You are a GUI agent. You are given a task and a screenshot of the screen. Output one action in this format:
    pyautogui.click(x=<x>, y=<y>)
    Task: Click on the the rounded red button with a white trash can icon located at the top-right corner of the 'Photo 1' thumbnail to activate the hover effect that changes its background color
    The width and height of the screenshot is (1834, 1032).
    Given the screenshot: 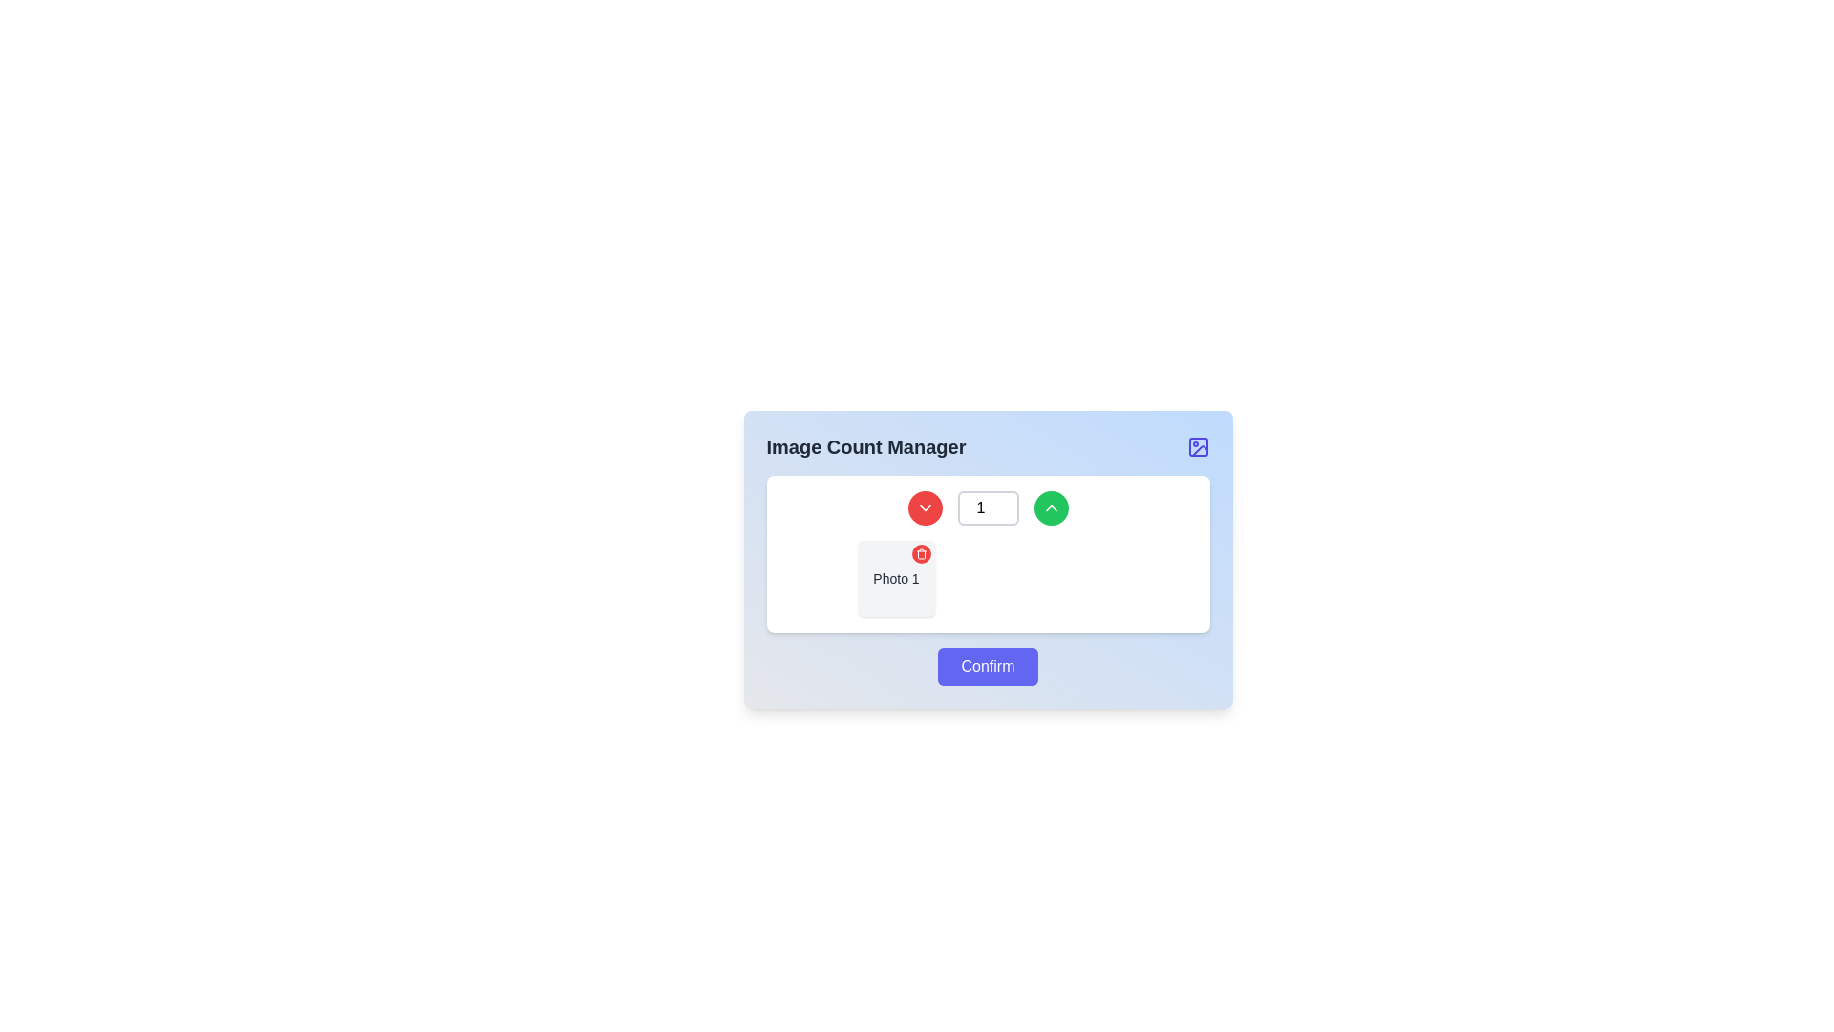 What is the action you would take?
    pyautogui.click(x=921, y=553)
    